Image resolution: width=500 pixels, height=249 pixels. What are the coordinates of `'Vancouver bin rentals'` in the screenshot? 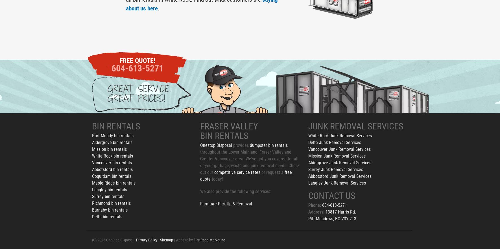 It's located at (112, 163).